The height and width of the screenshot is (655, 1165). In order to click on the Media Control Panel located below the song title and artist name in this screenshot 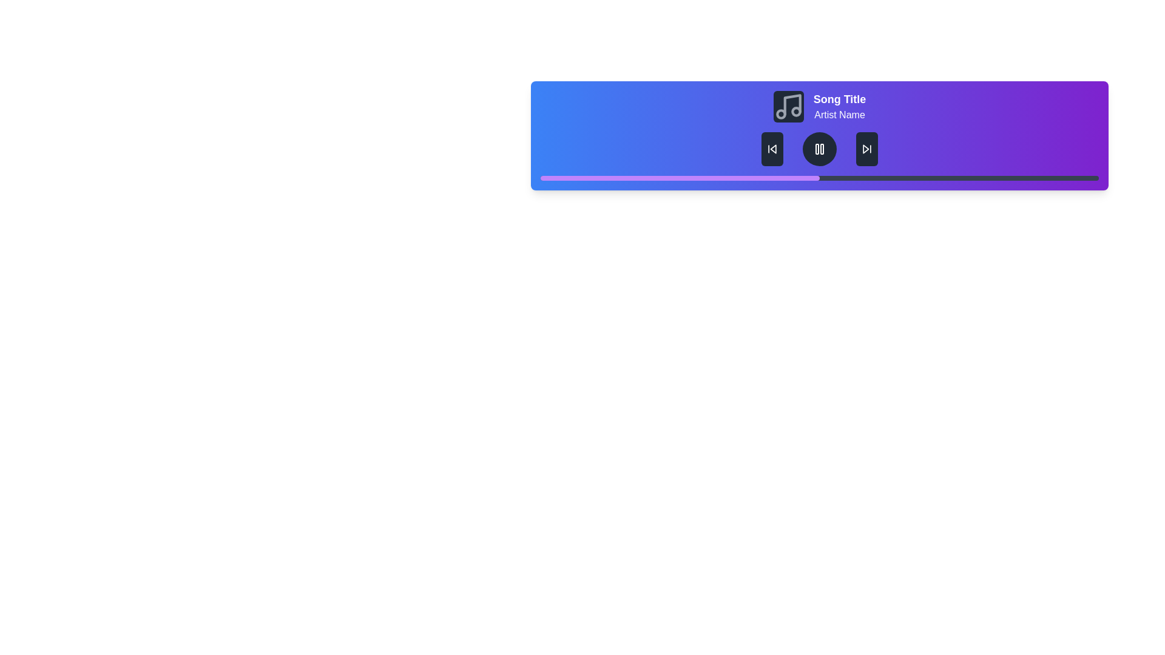, I will do `click(819, 149)`.